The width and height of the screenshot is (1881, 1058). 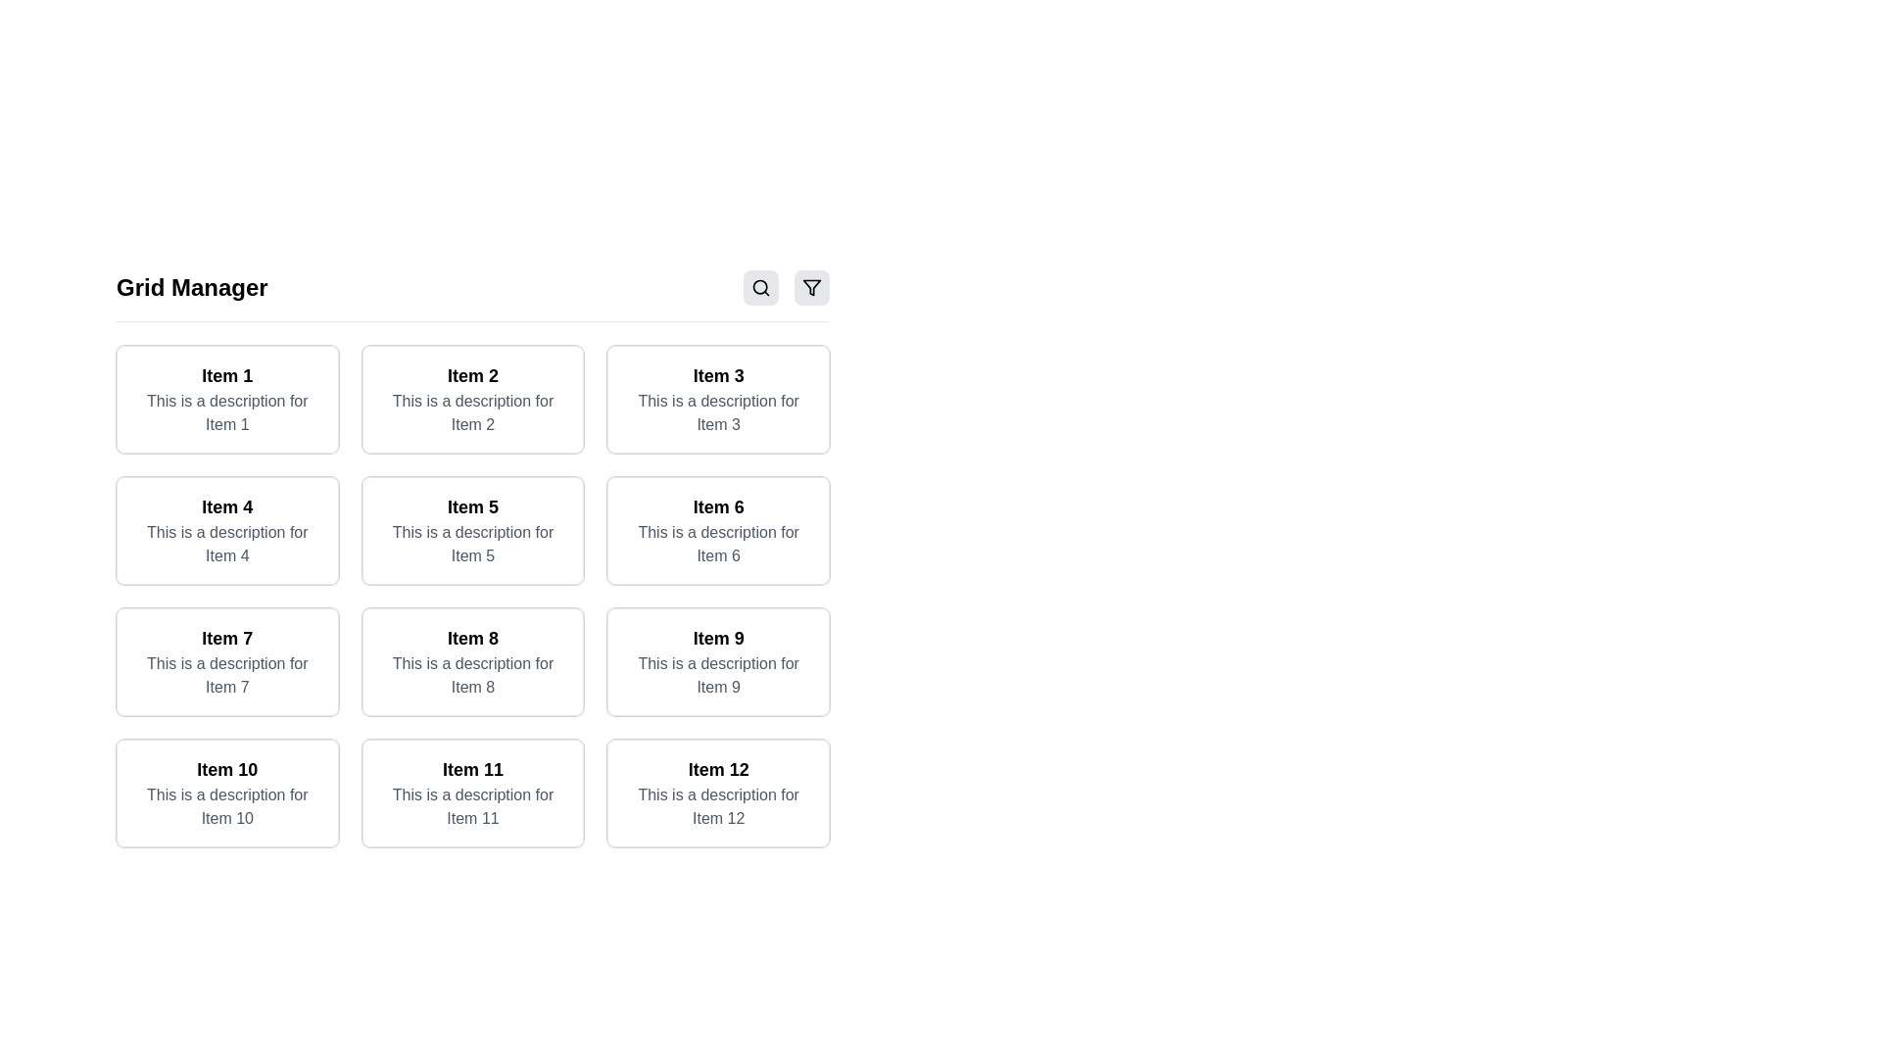 What do you see at coordinates (473, 638) in the screenshot?
I see `the text label displaying 'Item 8', which is styled with a larger font size and bold weight, located in the third row, second column of a 4x3 grid layout` at bounding box center [473, 638].